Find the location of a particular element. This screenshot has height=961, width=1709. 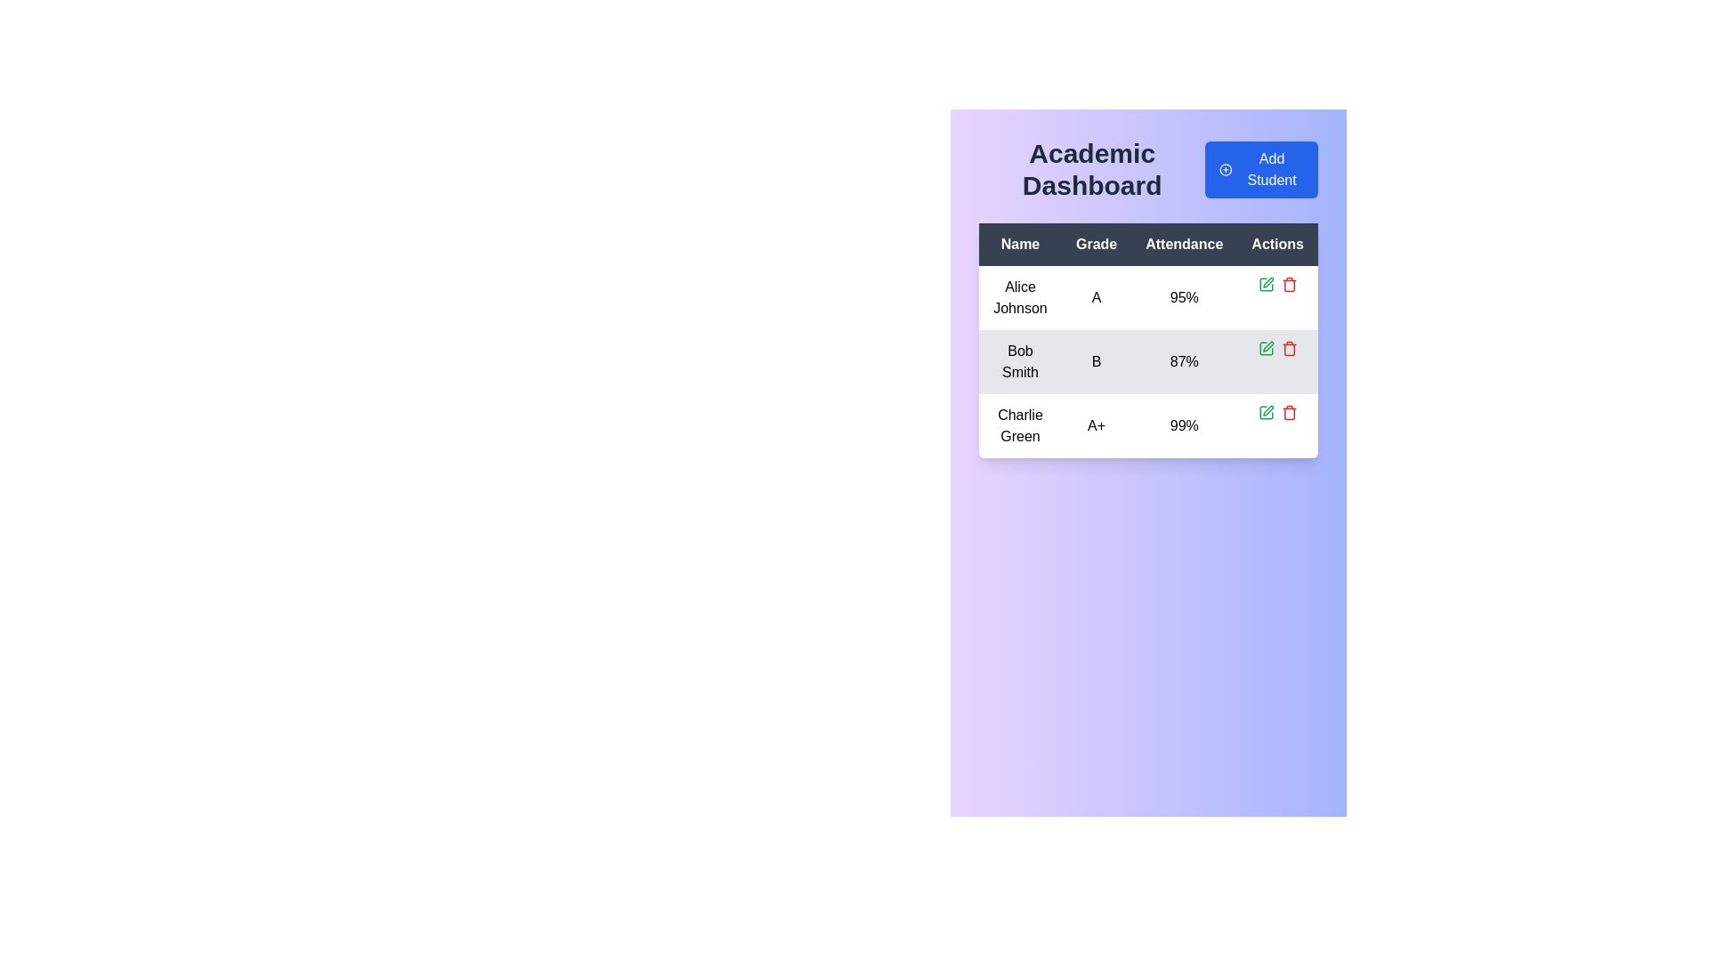

the second row of the table displaying details for Bob Smith is located at coordinates (1148, 361).